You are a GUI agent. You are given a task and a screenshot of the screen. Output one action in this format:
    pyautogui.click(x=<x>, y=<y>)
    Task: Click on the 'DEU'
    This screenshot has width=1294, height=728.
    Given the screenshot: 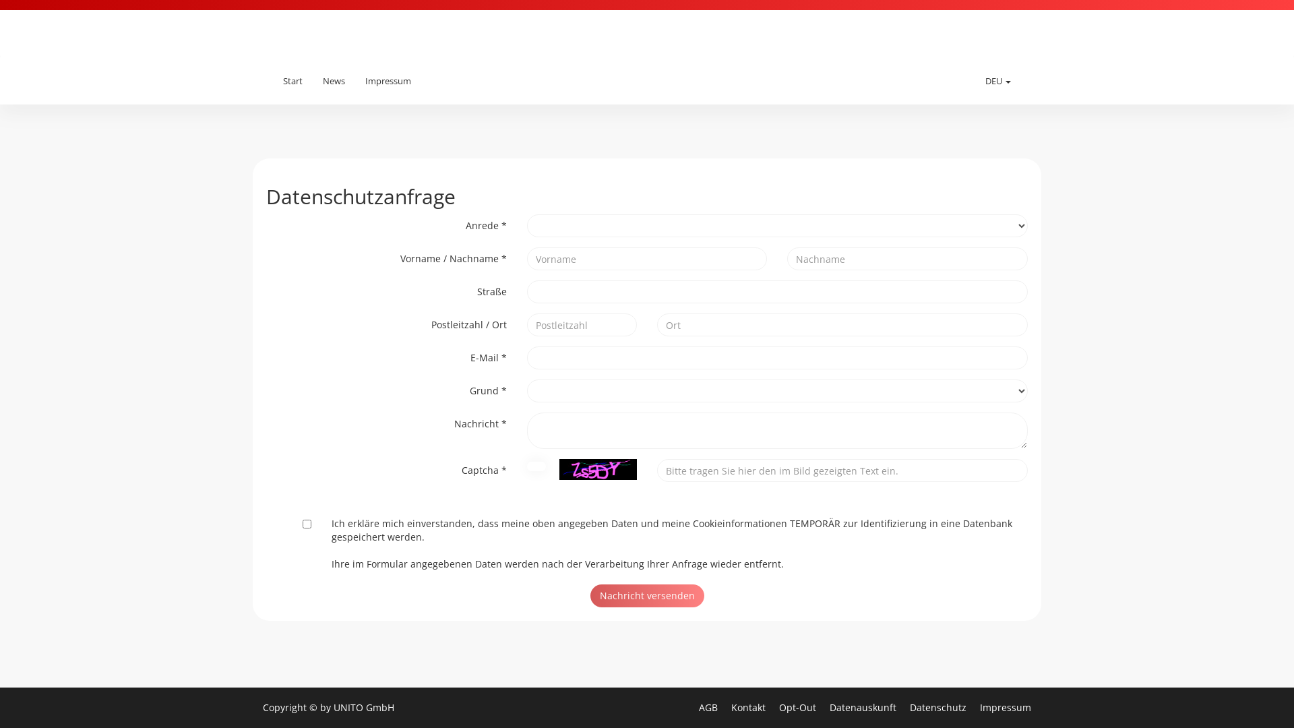 What is the action you would take?
    pyautogui.click(x=998, y=80)
    